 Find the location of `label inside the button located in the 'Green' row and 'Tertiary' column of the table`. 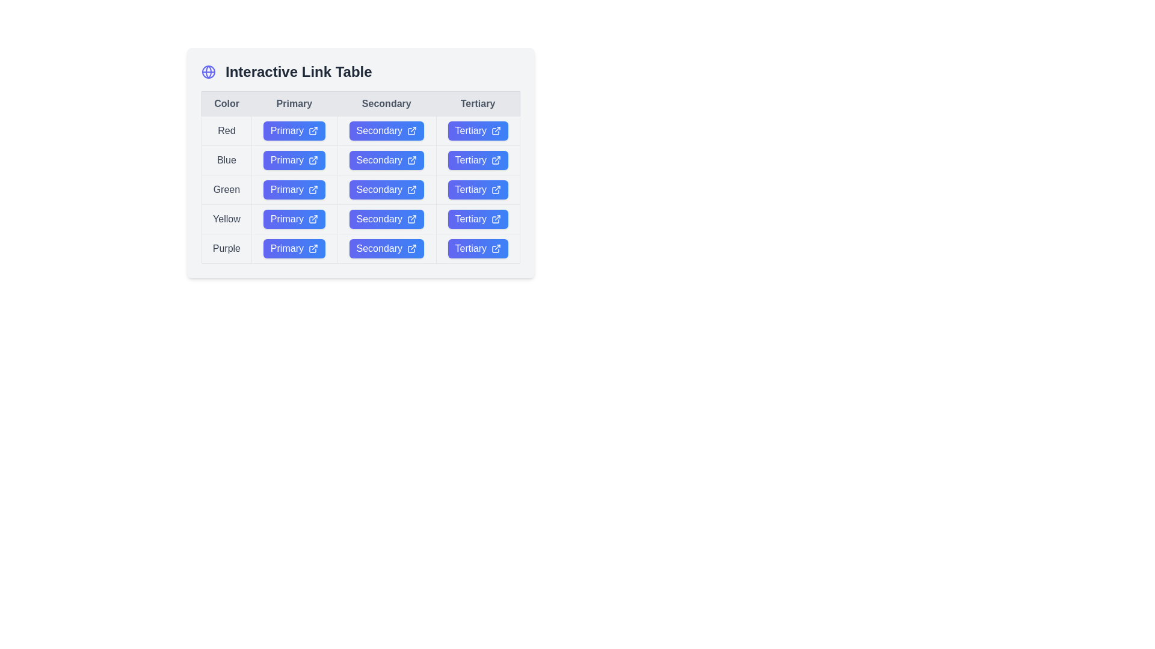

label inside the button located in the 'Green' row and 'Tertiary' column of the table is located at coordinates (470, 189).